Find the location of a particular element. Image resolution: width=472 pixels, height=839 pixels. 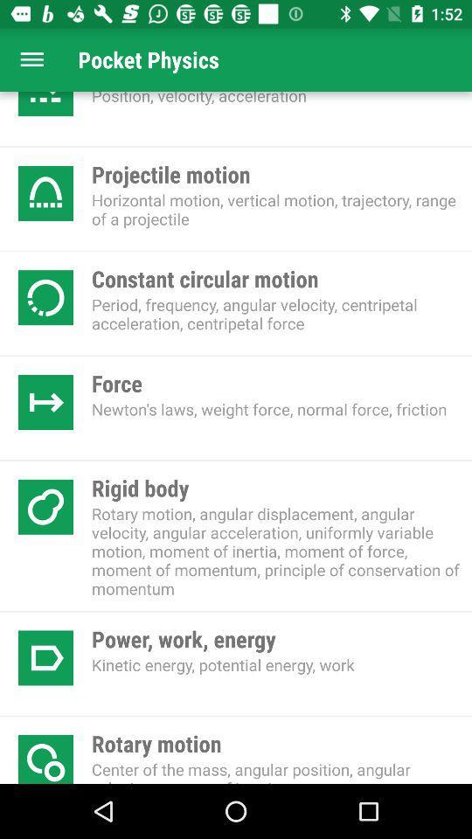

open menu is located at coordinates (31, 59).